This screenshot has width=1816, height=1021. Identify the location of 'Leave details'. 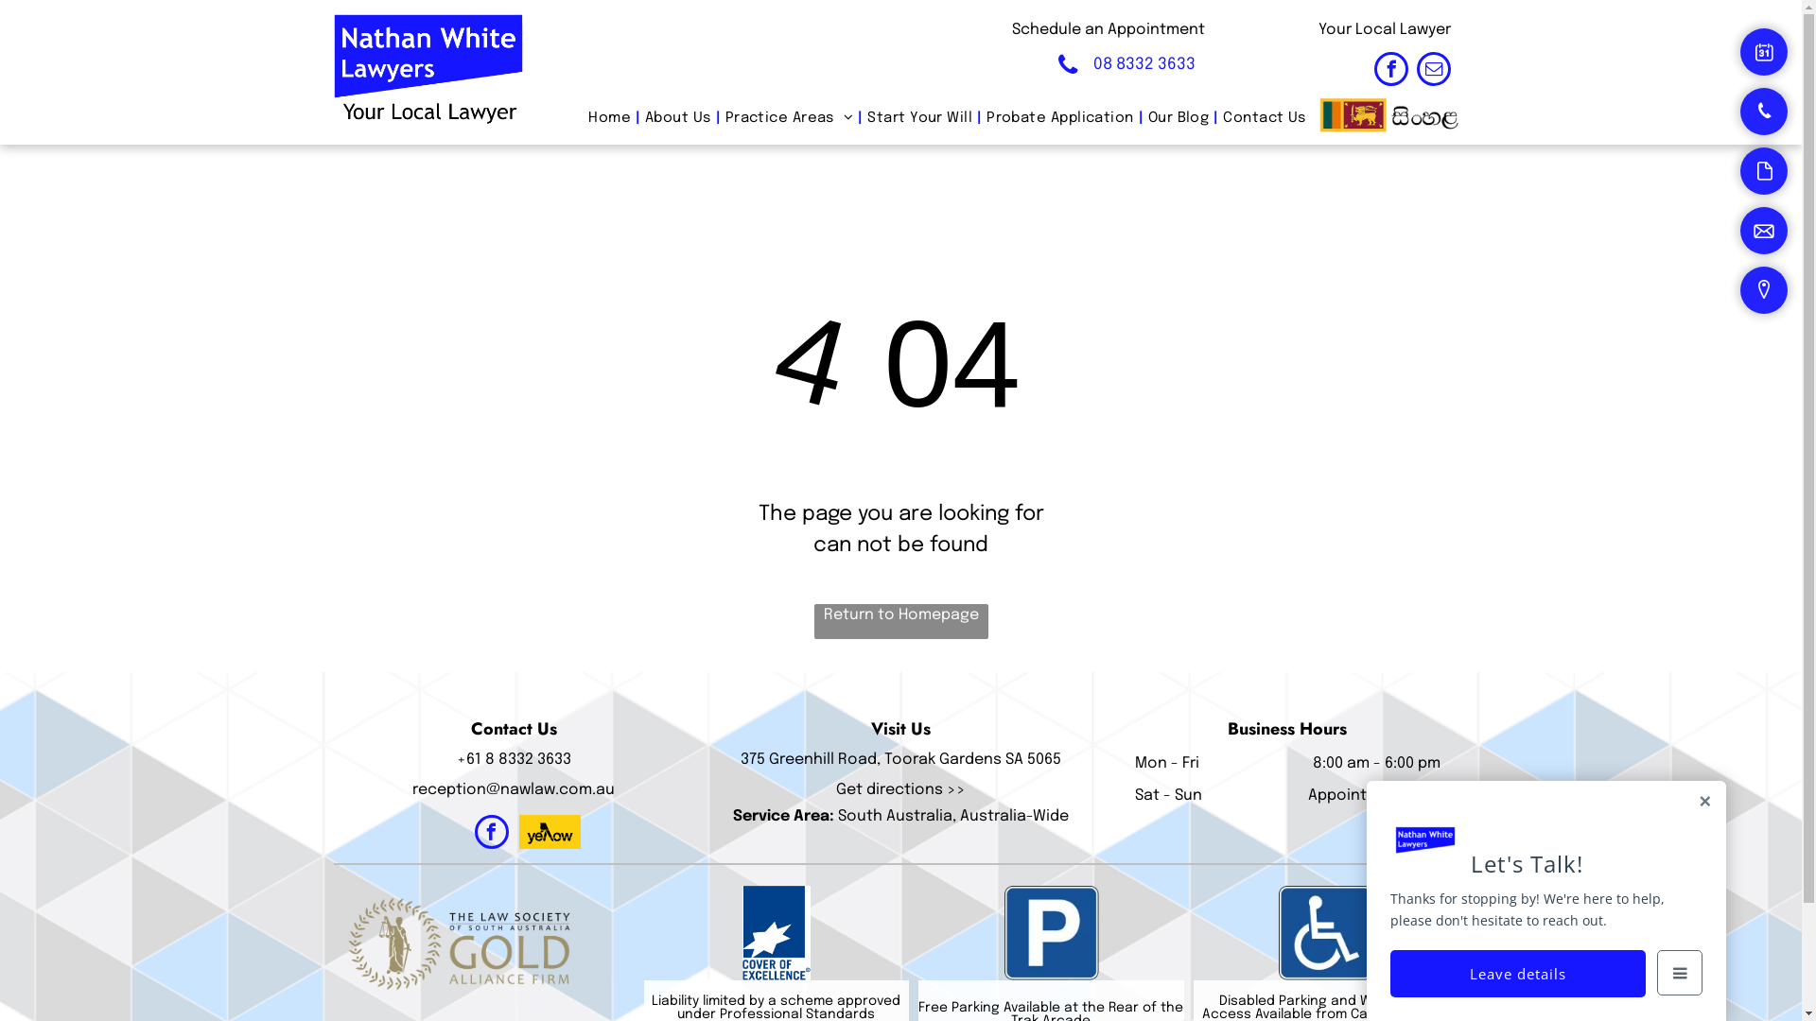
(1517, 973).